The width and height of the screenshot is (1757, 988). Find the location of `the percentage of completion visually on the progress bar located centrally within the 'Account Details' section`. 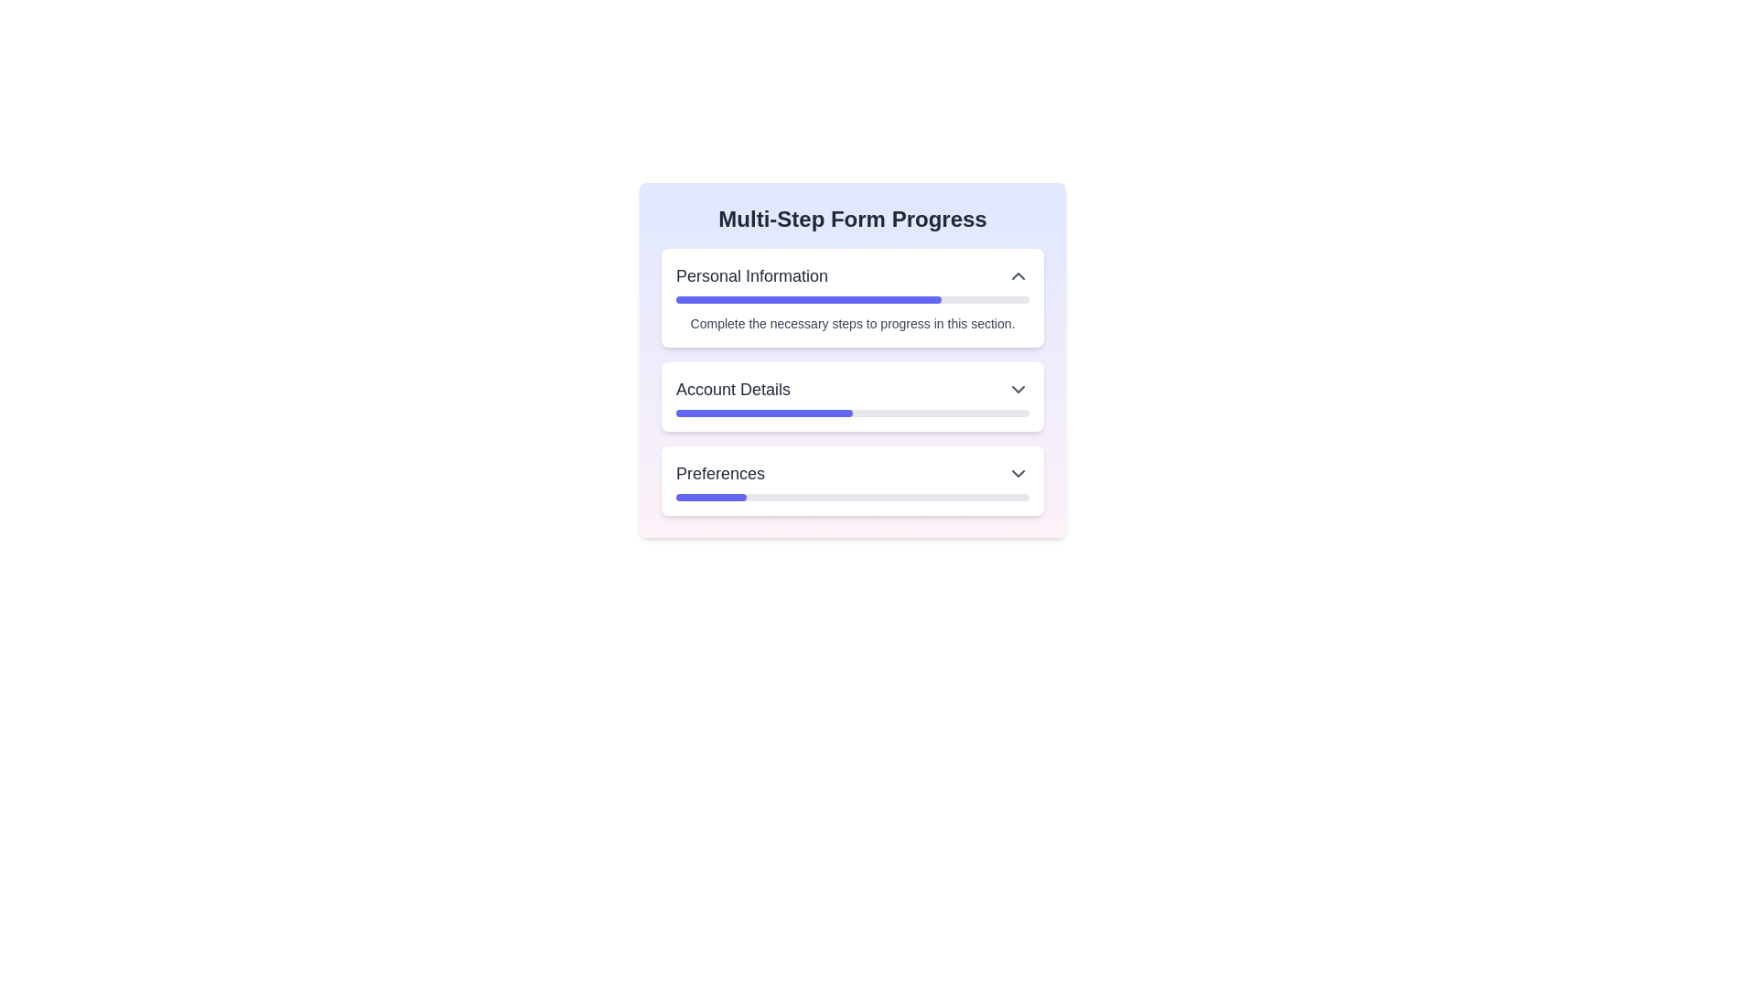

the percentage of completion visually on the progress bar located centrally within the 'Account Details' section is located at coordinates (851, 413).